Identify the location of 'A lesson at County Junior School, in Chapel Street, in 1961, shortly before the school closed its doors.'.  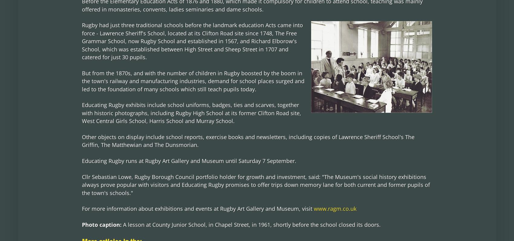
(251, 224).